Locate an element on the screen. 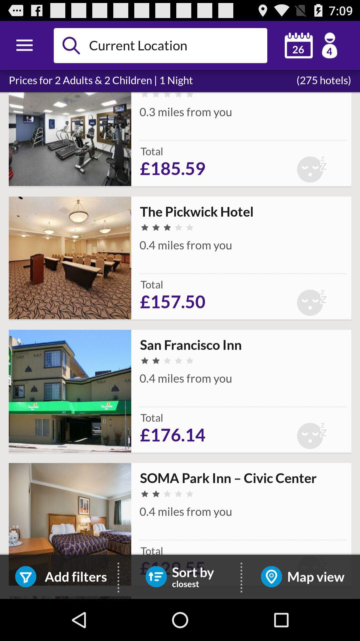  the third image from top is located at coordinates (70, 391).